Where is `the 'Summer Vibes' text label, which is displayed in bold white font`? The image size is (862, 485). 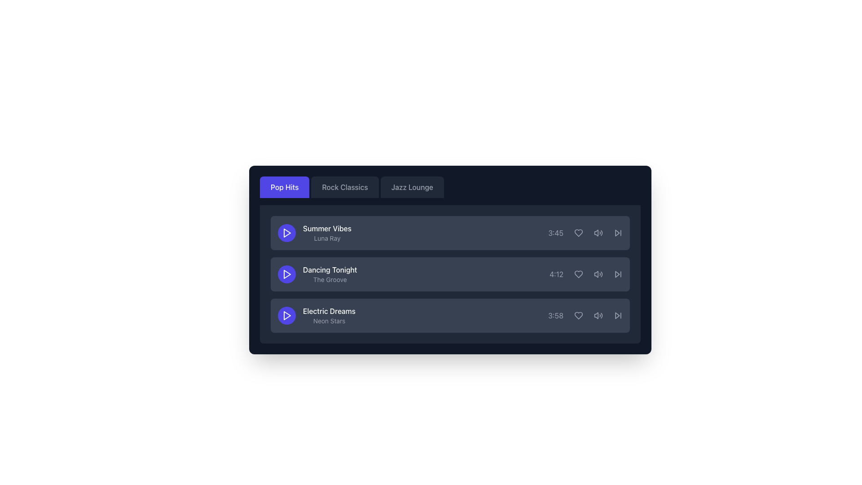 the 'Summer Vibes' text label, which is displayed in bold white font is located at coordinates (314, 233).